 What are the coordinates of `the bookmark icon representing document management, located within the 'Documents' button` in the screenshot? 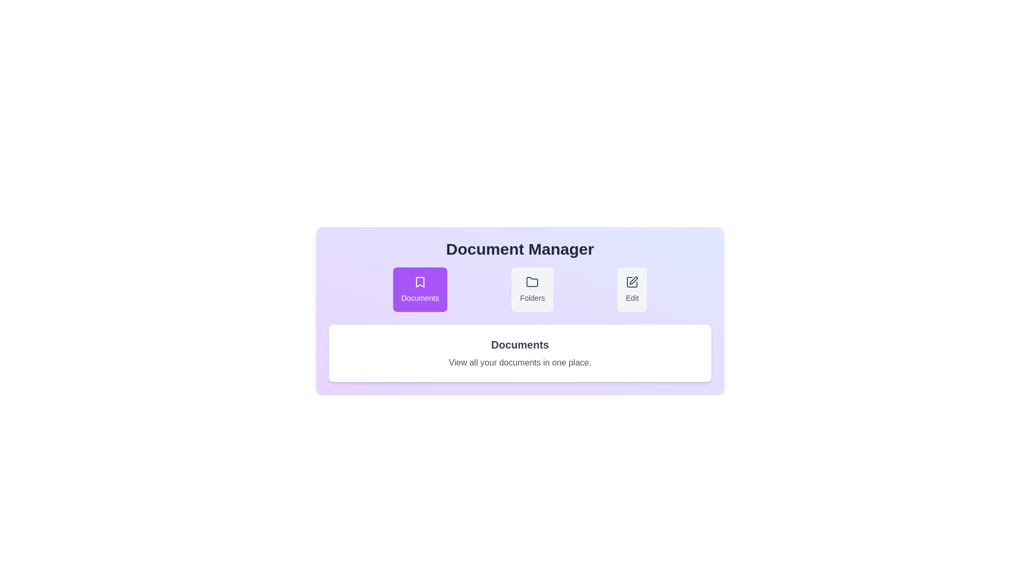 It's located at (420, 282).